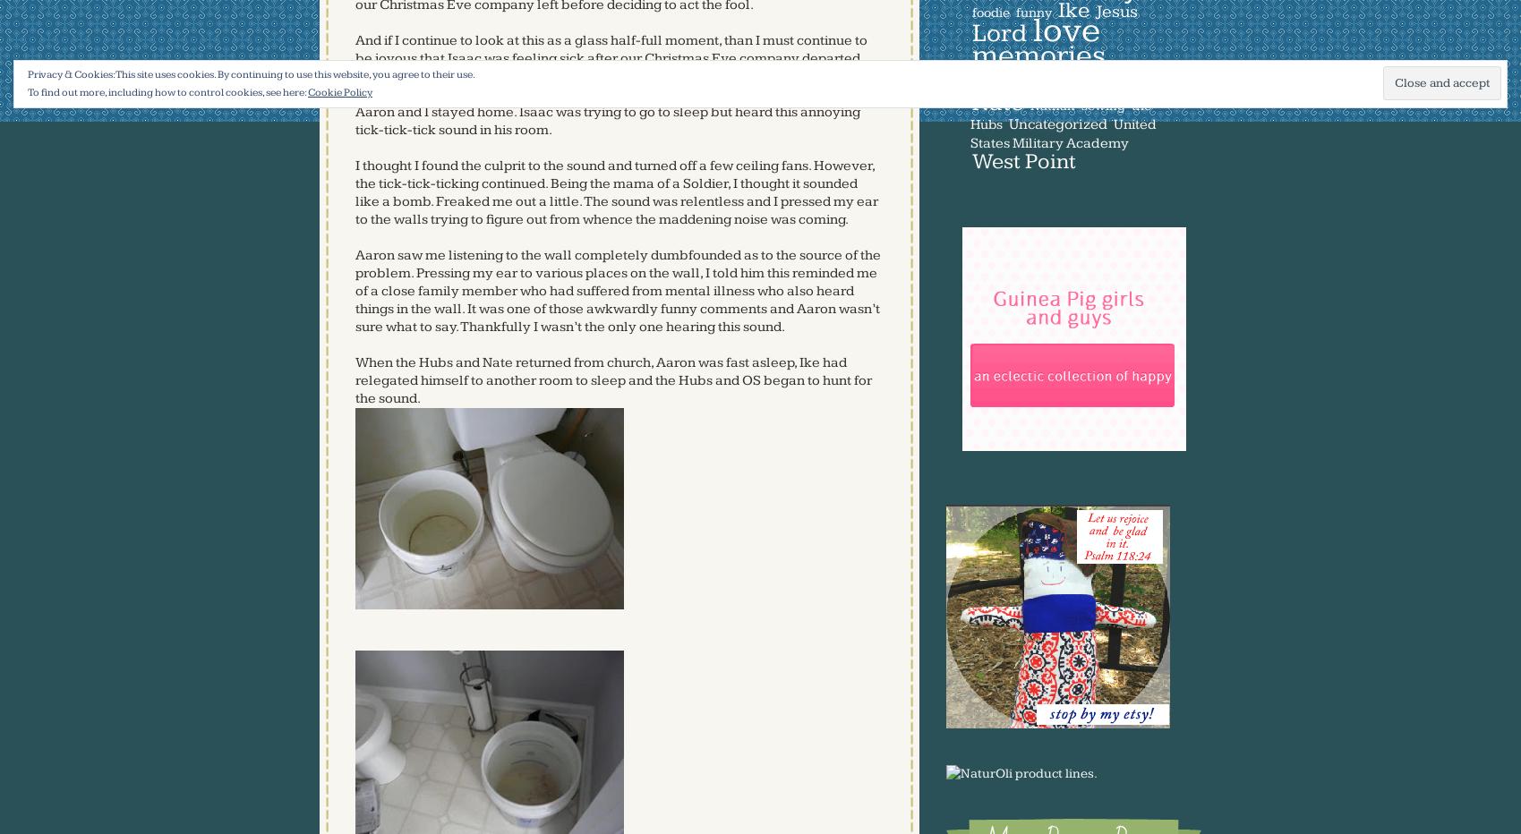 The image size is (1521, 834). I want to click on 'from church, Aaron was fast asleep, Ike had relegated himself to another room to sleep and the Hubs and OS began to hunt for the sound.', so click(612, 380).